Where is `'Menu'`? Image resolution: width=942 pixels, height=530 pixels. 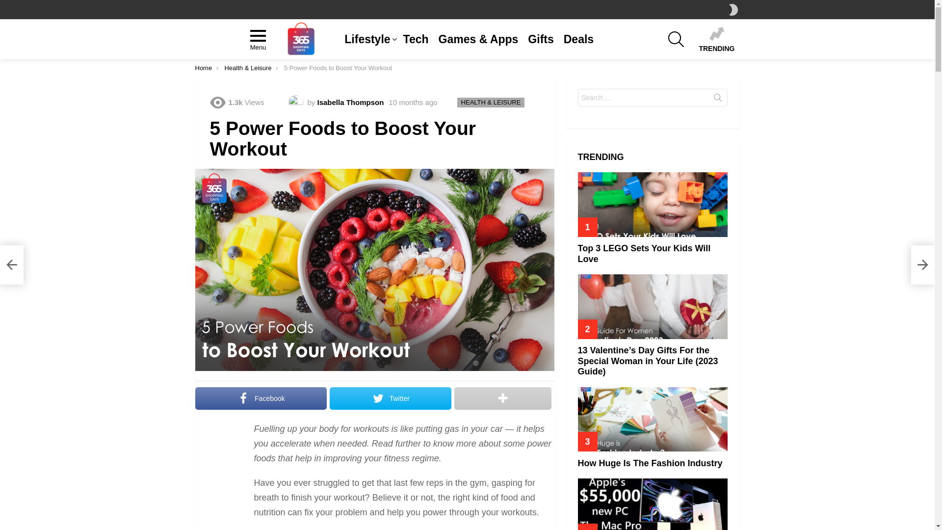 'Menu' is located at coordinates (258, 39).